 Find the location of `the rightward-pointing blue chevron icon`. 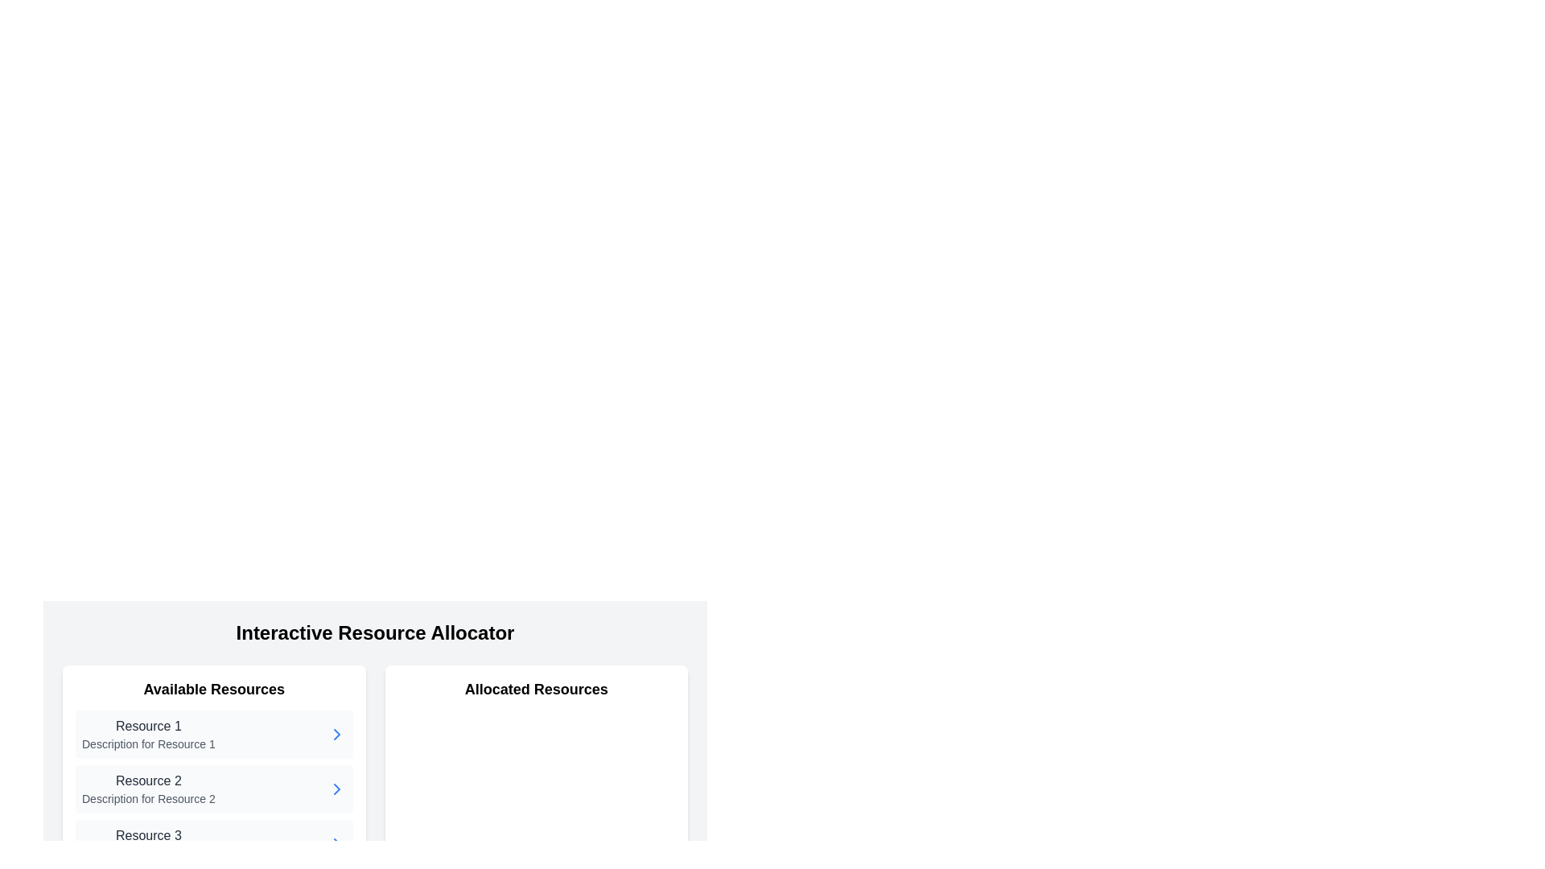

the rightward-pointing blue chevron icon is located at coordinates (336, 788).